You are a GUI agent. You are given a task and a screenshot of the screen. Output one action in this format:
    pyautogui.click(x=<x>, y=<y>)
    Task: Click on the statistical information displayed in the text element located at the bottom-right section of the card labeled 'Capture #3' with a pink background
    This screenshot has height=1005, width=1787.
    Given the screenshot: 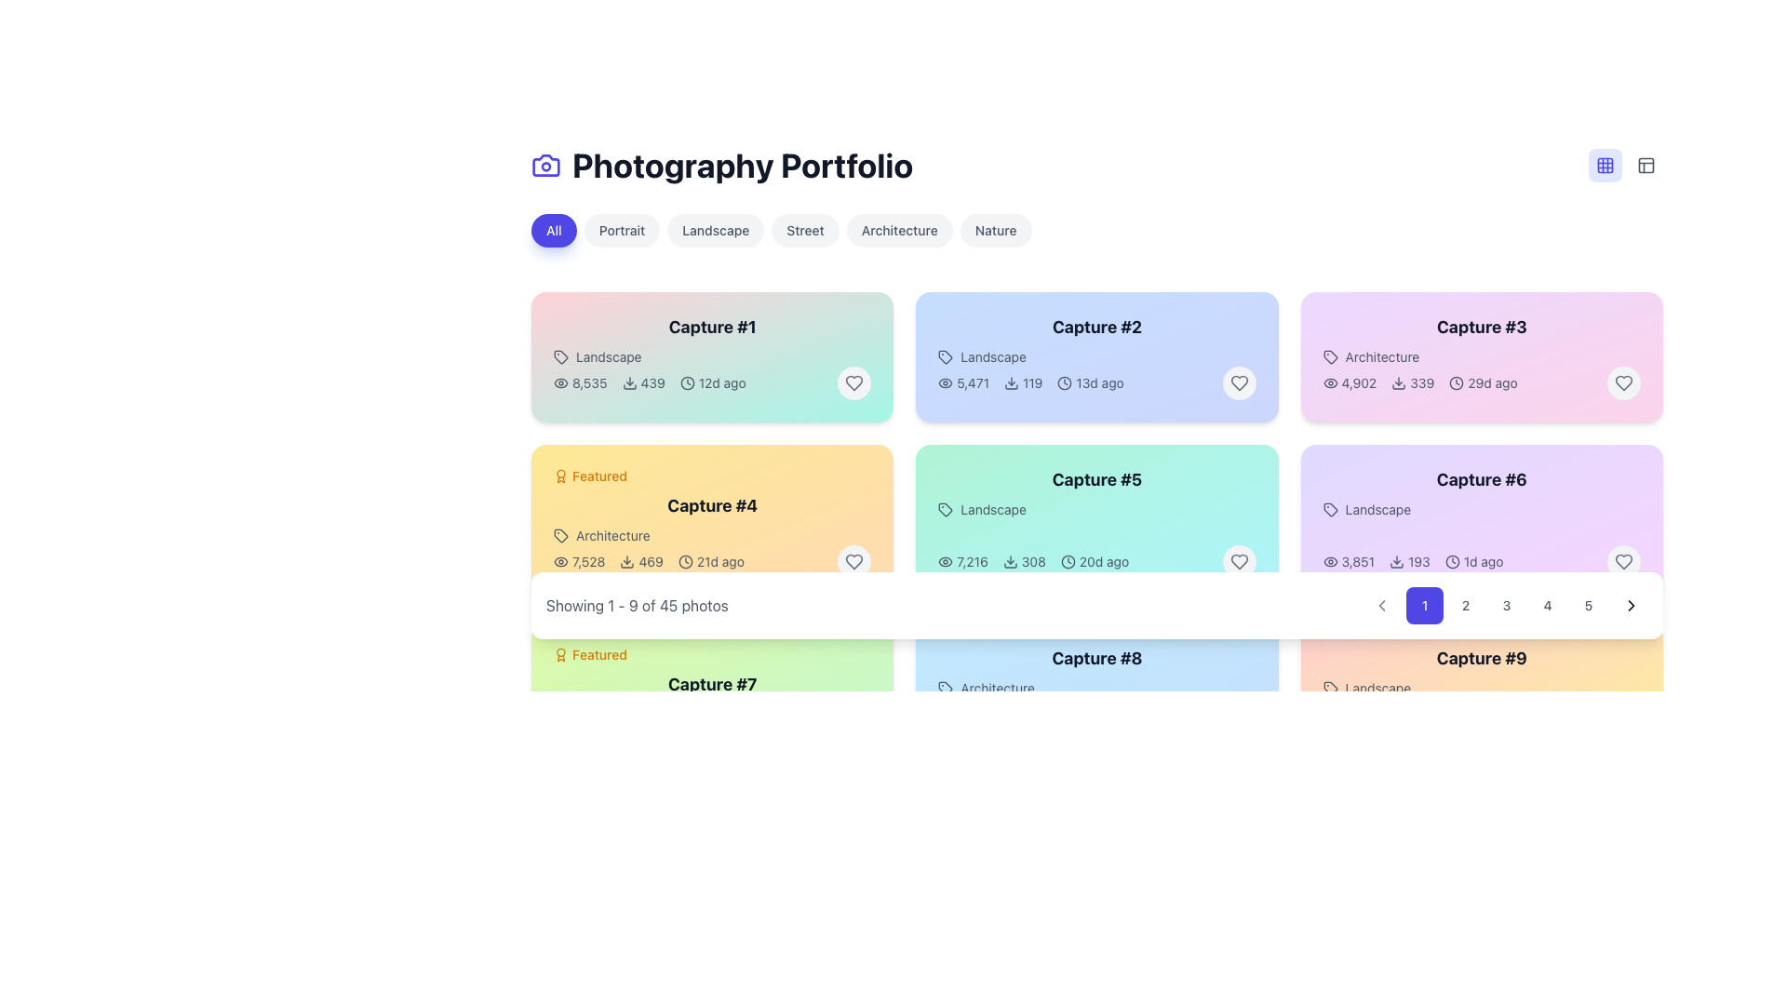 What is the action you would take?
    pyautogui.click(x=1481, y=382)
    